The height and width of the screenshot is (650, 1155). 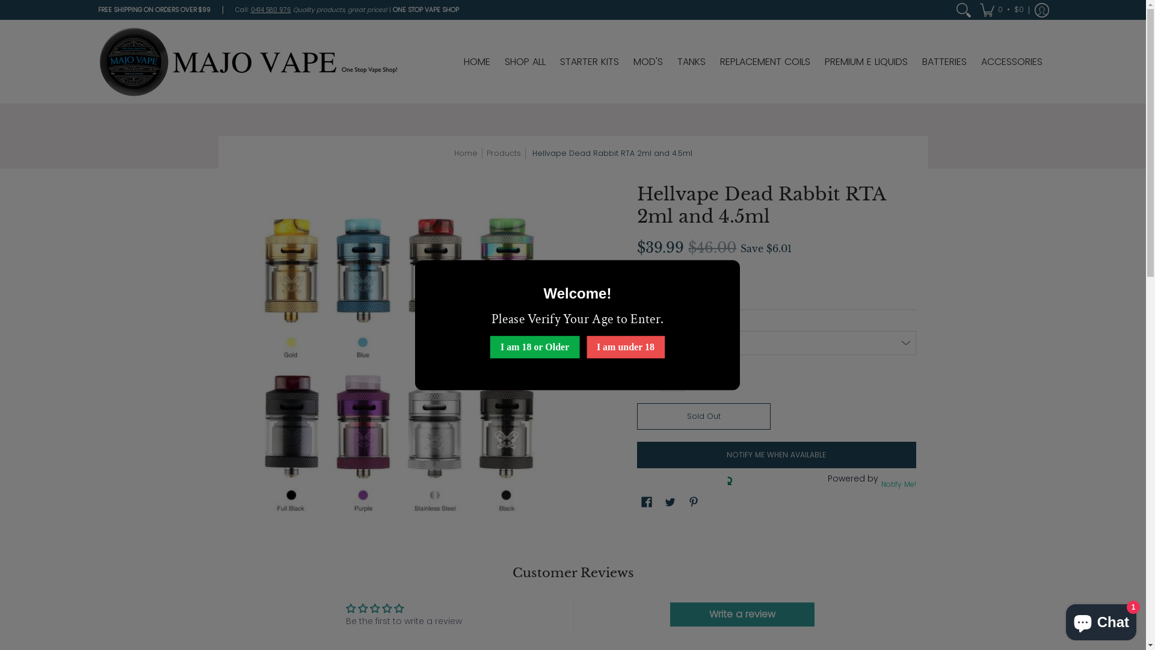 I want to click on 'Log in', so click(x=1041, y=10).